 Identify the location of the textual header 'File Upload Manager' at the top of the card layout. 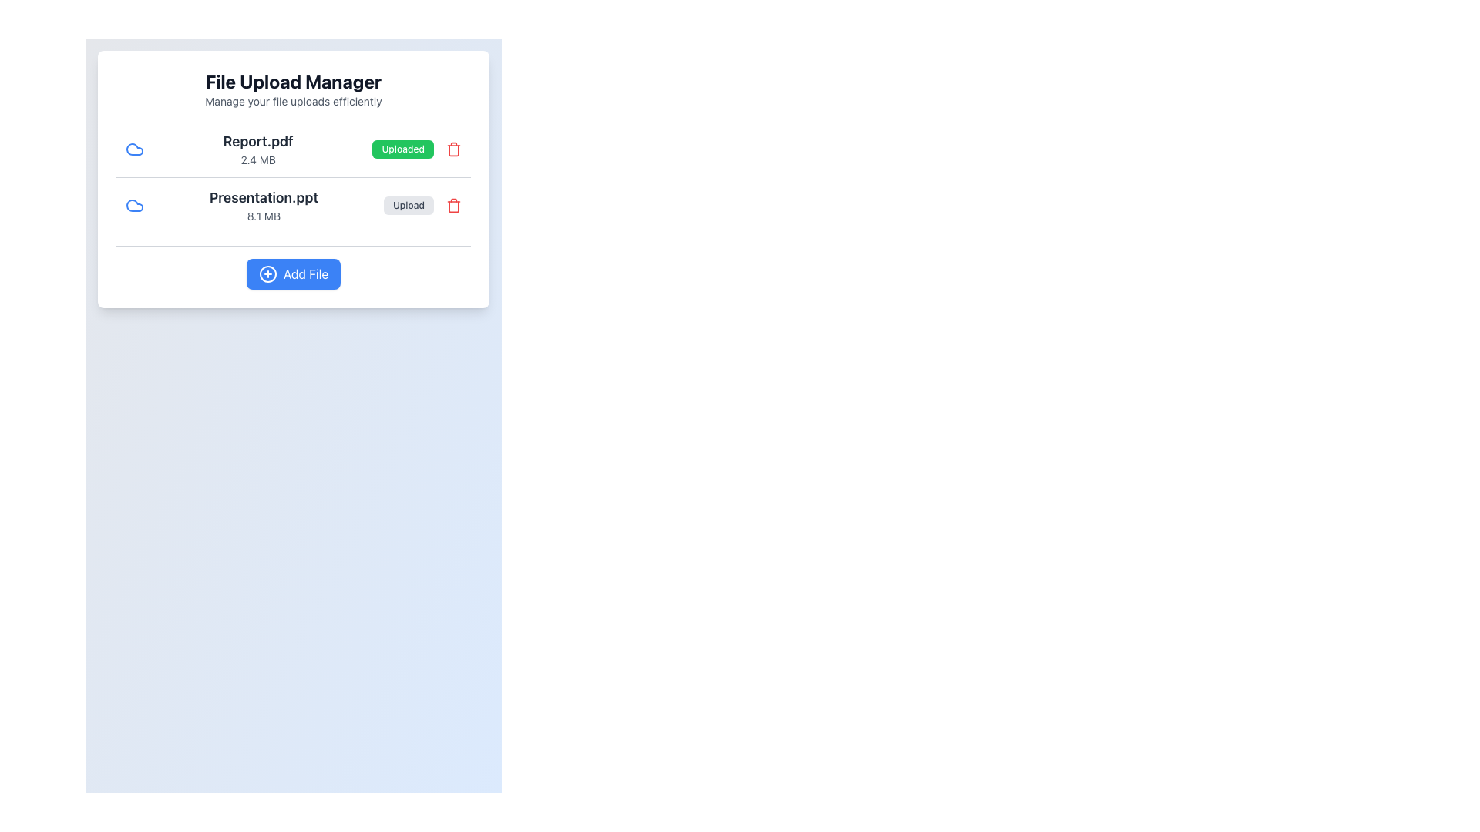
(293, 89).